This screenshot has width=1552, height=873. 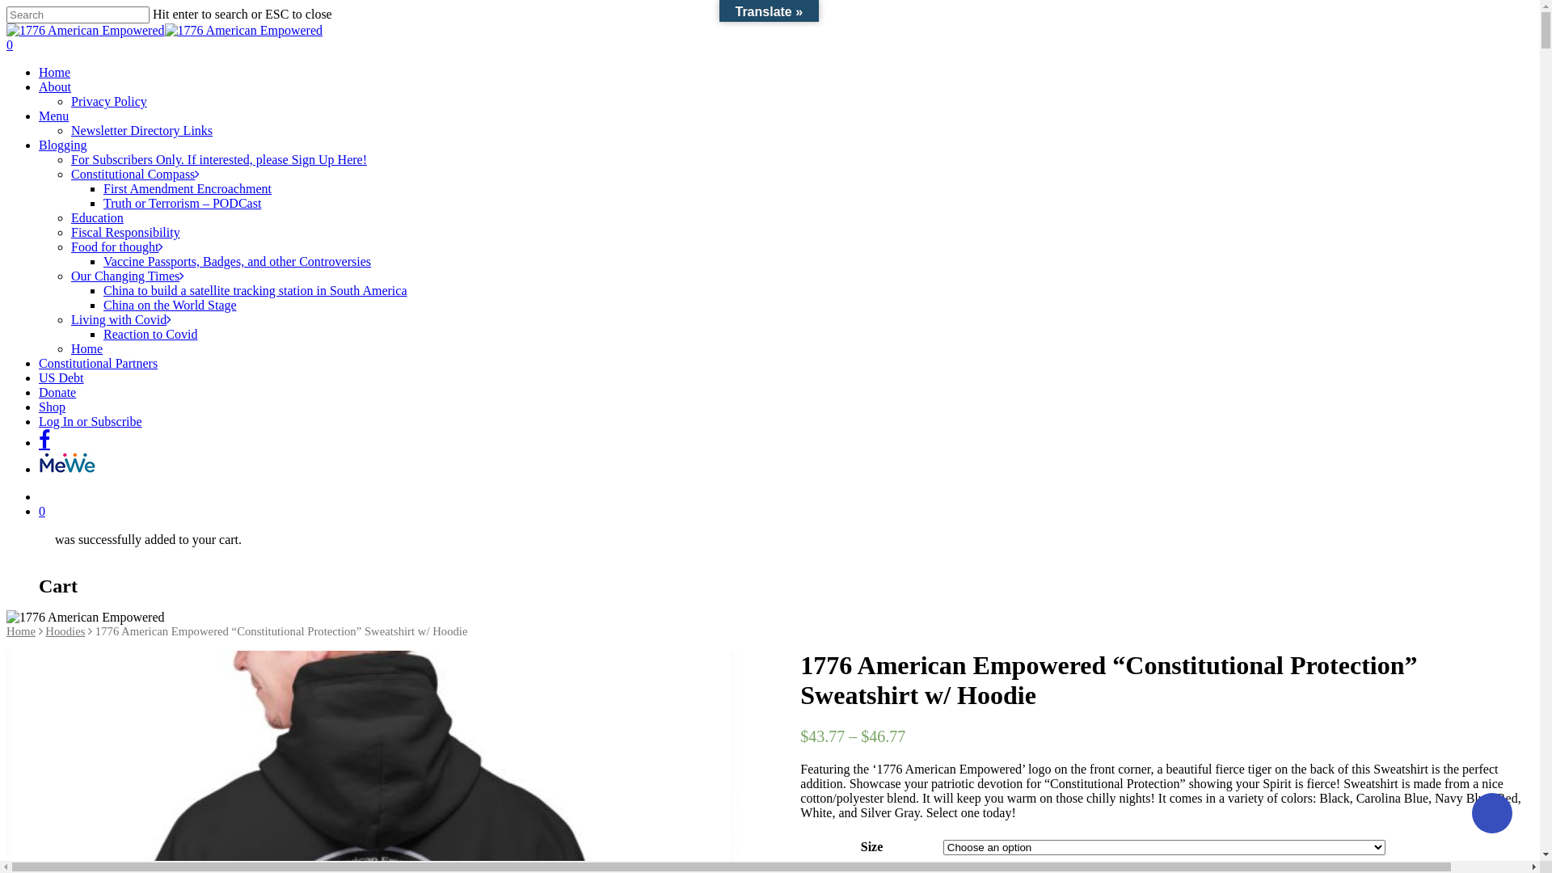 What do you see at coordinates (70, 319) in the screenshot?
I see `'Living with Covid'` at bounding box center [70, 319].